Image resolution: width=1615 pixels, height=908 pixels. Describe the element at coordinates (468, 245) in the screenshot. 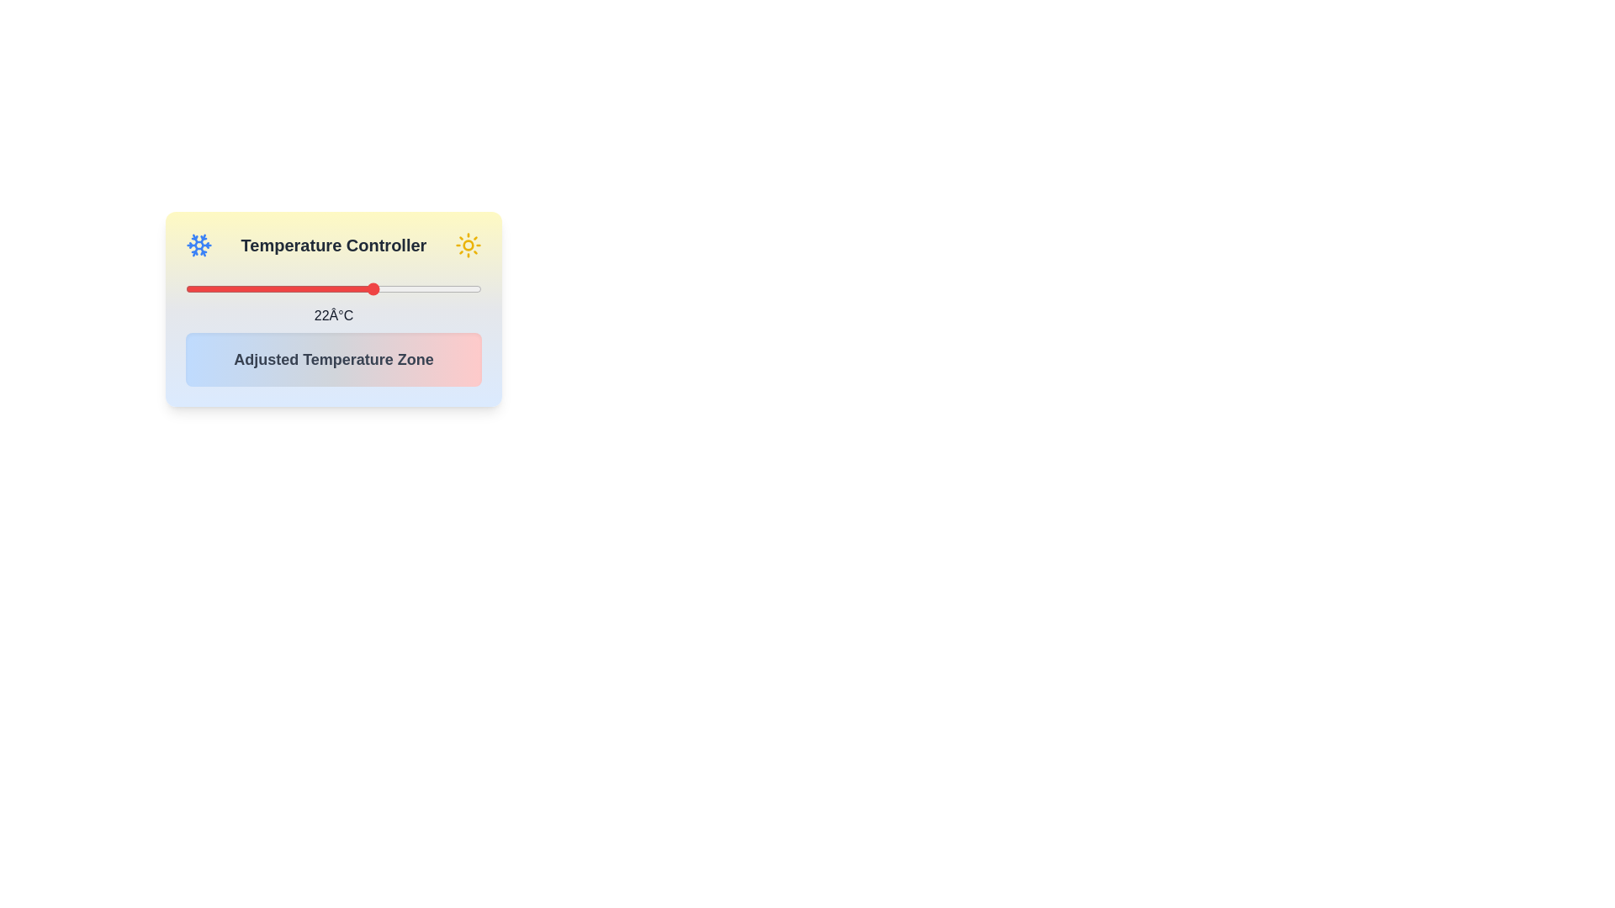

I see `the heat or brightness settings icon located at the top-right corner of the 'Temperature Controller' panel` at that location.